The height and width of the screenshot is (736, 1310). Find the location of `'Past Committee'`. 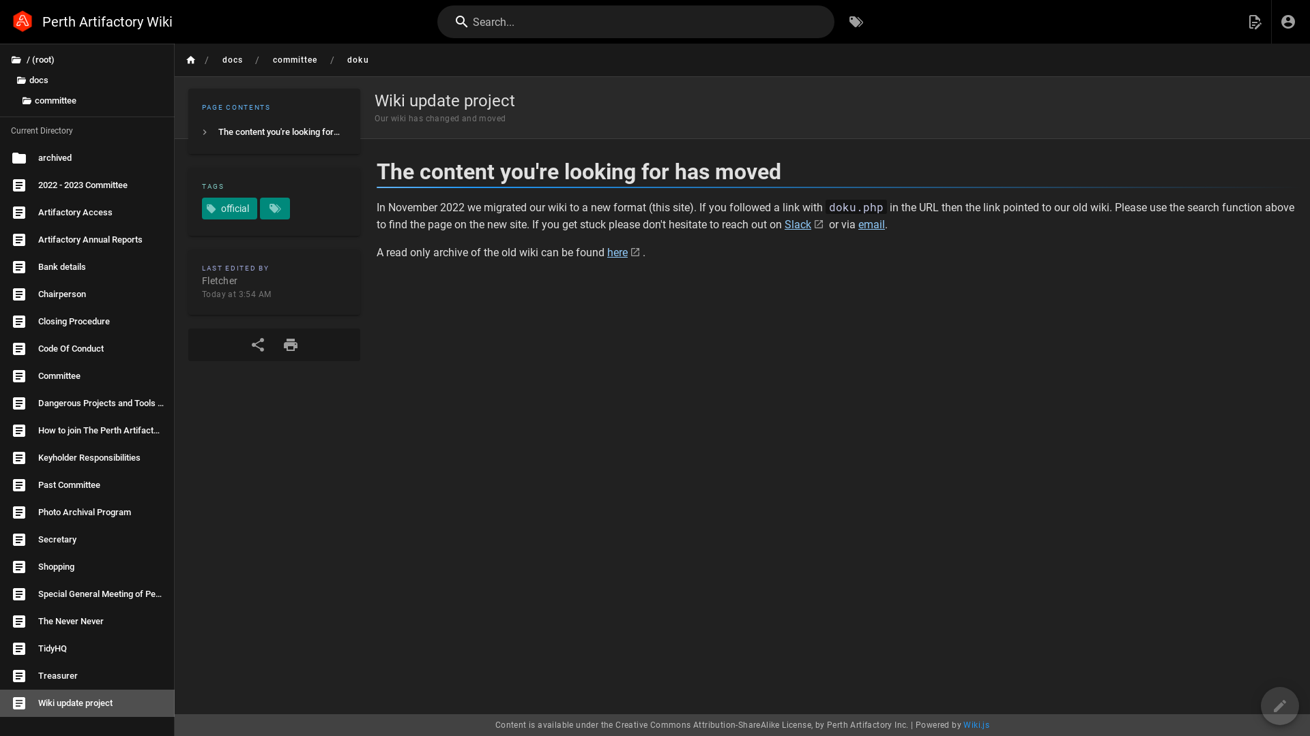

'Past Committee' is located at coordinates (87, 485).